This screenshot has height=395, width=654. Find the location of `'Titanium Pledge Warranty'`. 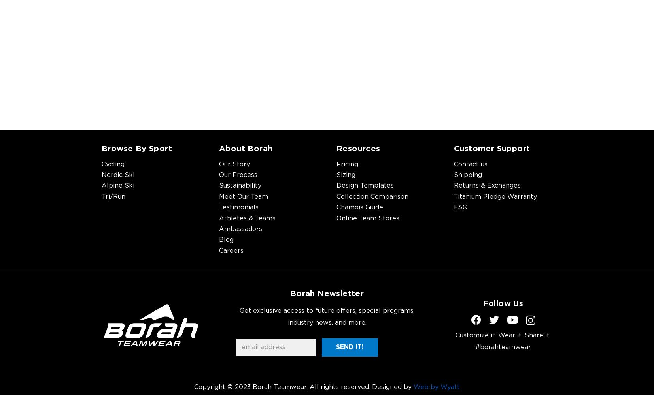

'Titanium Pledge Warranty' is located at coordinates (495, 196).